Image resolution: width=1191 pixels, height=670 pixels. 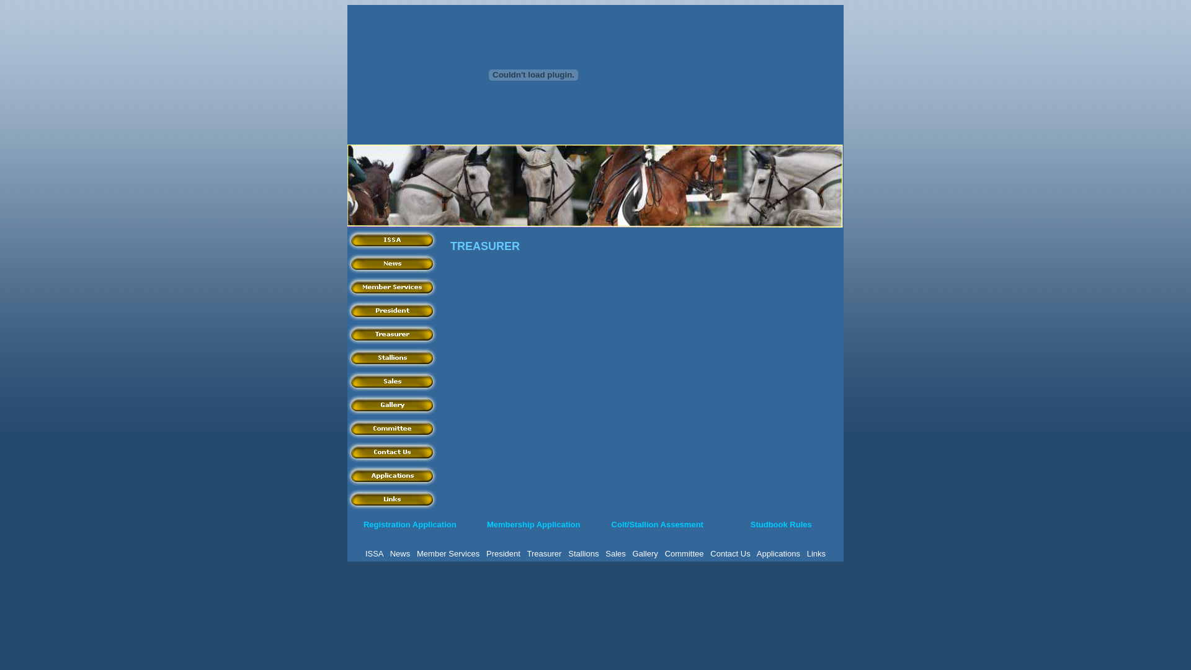 What do you see at coordinates (417, 553) in the screenshot?
I see `'Member Services'` at bounding box center [417, 553].